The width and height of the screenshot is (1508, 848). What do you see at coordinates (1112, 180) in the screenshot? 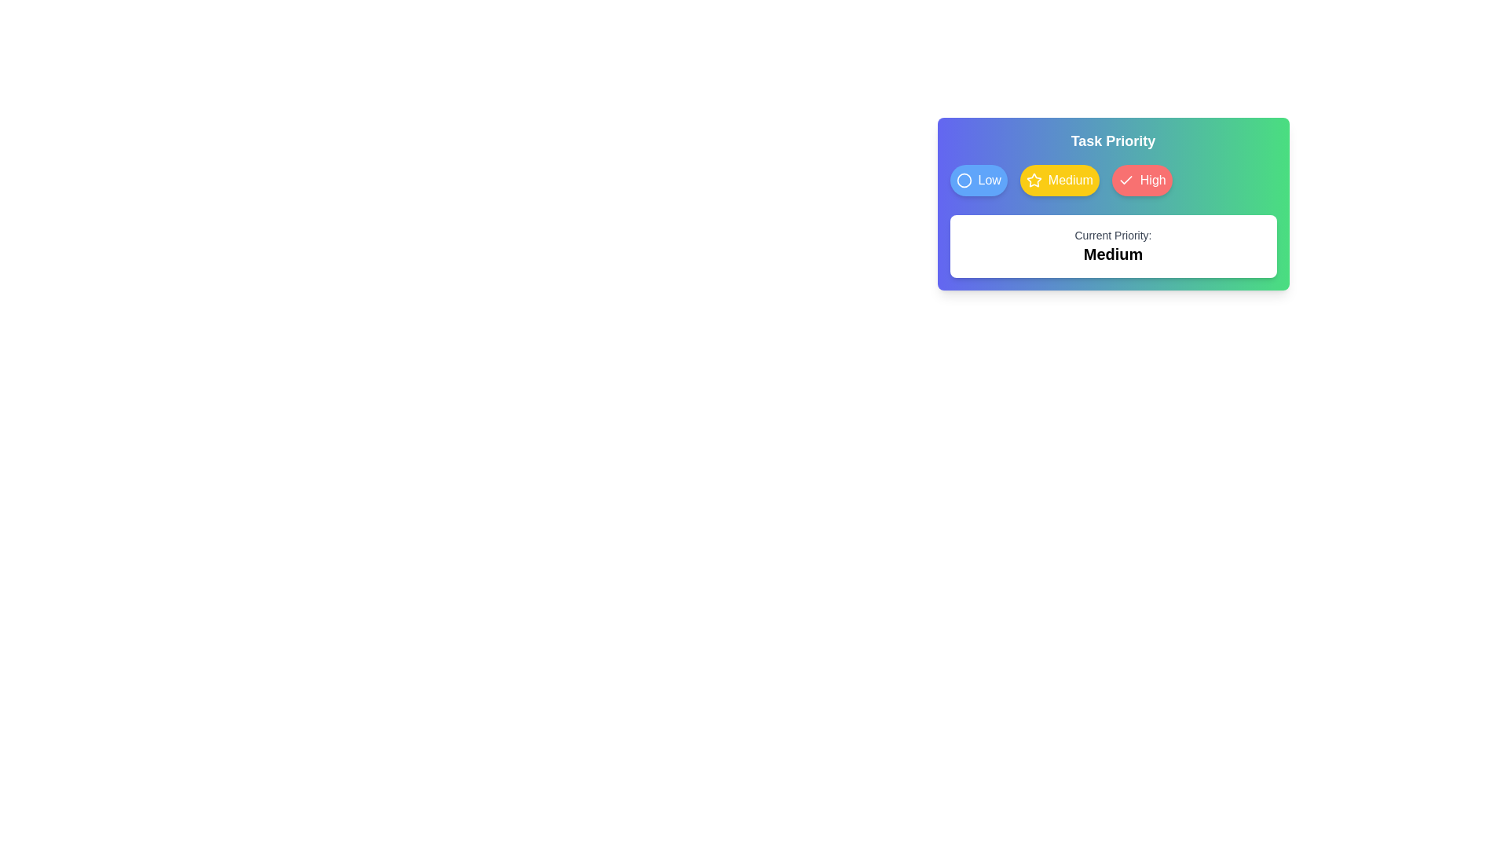
I see `the 'High' button in the Button group with selectable options` at bounding box center [1112, 180].